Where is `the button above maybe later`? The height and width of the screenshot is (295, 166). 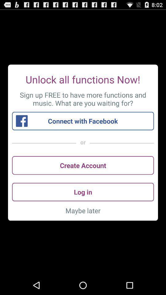
the button above maybe later is located at coordinates (83, 191).